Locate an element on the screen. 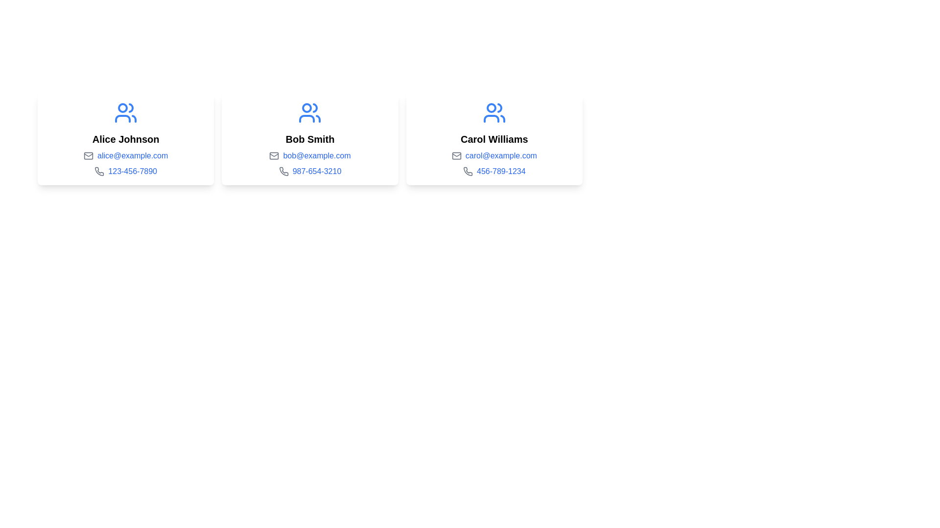  the clickable phone number link '456-789-1234' located at the bottom section of Carol Williams' card to initiate a call is located at coordinates (494, 171).